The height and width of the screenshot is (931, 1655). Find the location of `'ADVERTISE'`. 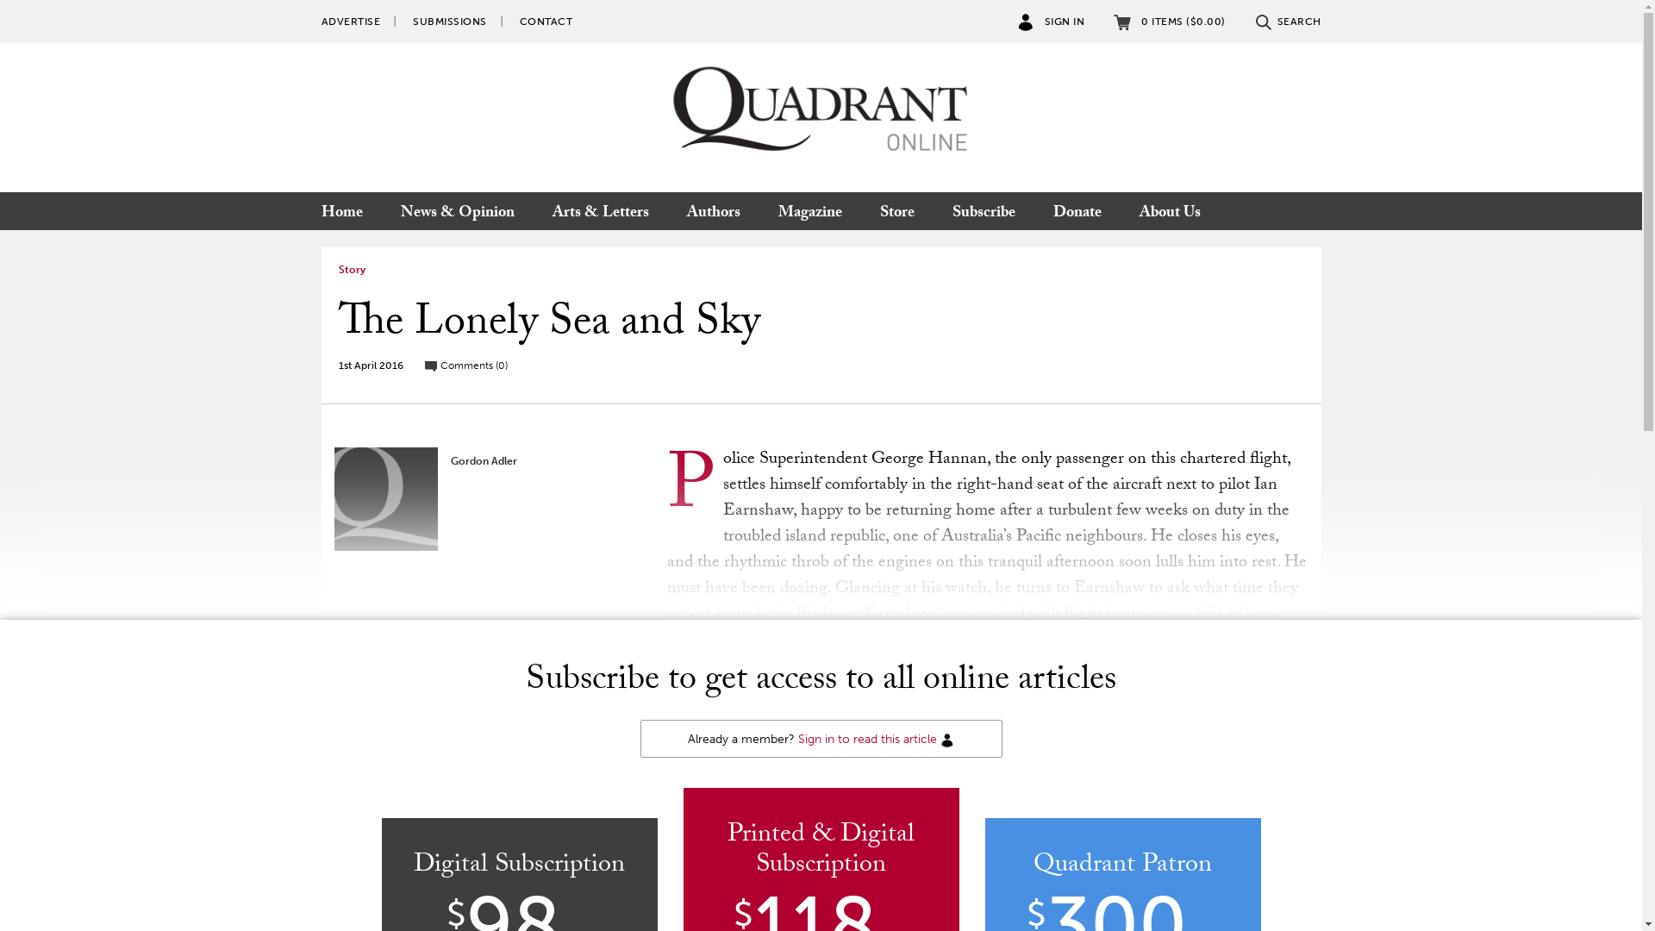

'ADVERTISE' is located at coordinates (349, 21).